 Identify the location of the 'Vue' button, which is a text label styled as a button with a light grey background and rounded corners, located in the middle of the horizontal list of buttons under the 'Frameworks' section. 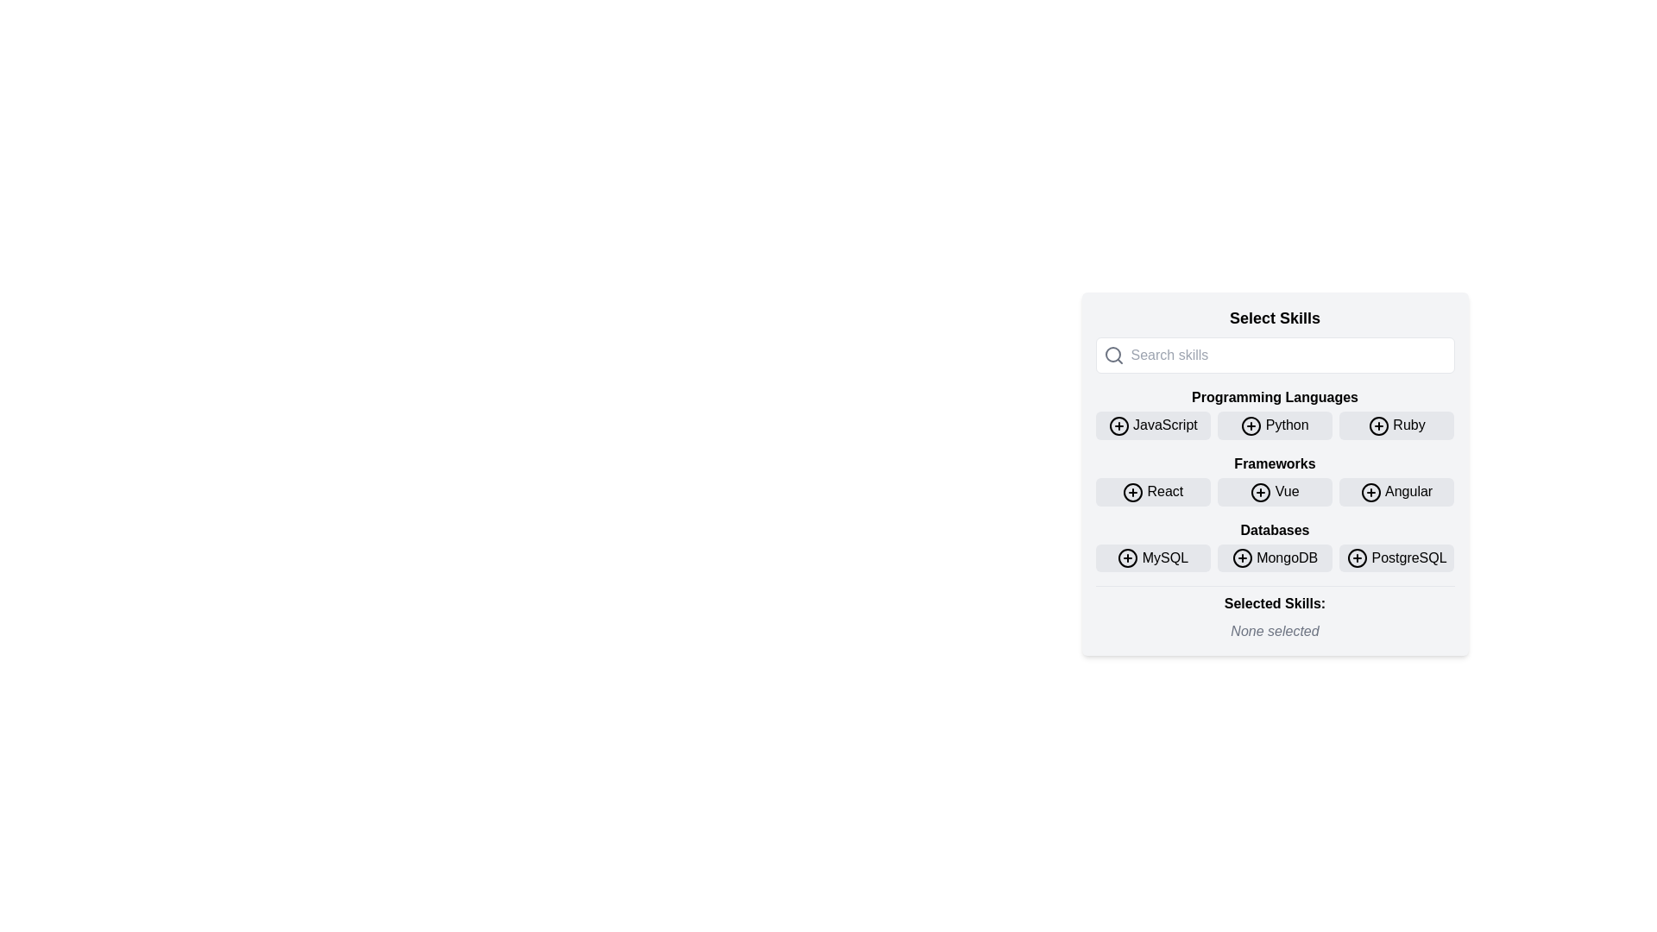
(1275, 492).